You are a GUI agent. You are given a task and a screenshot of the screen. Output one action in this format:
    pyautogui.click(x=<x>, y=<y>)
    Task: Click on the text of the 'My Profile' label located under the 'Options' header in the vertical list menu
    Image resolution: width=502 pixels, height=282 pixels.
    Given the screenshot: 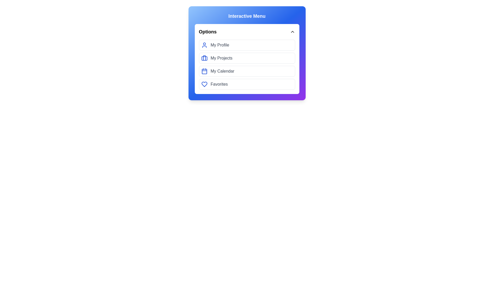 What is the action you would take?
    pyautogui.click(x=220, y=45)
    